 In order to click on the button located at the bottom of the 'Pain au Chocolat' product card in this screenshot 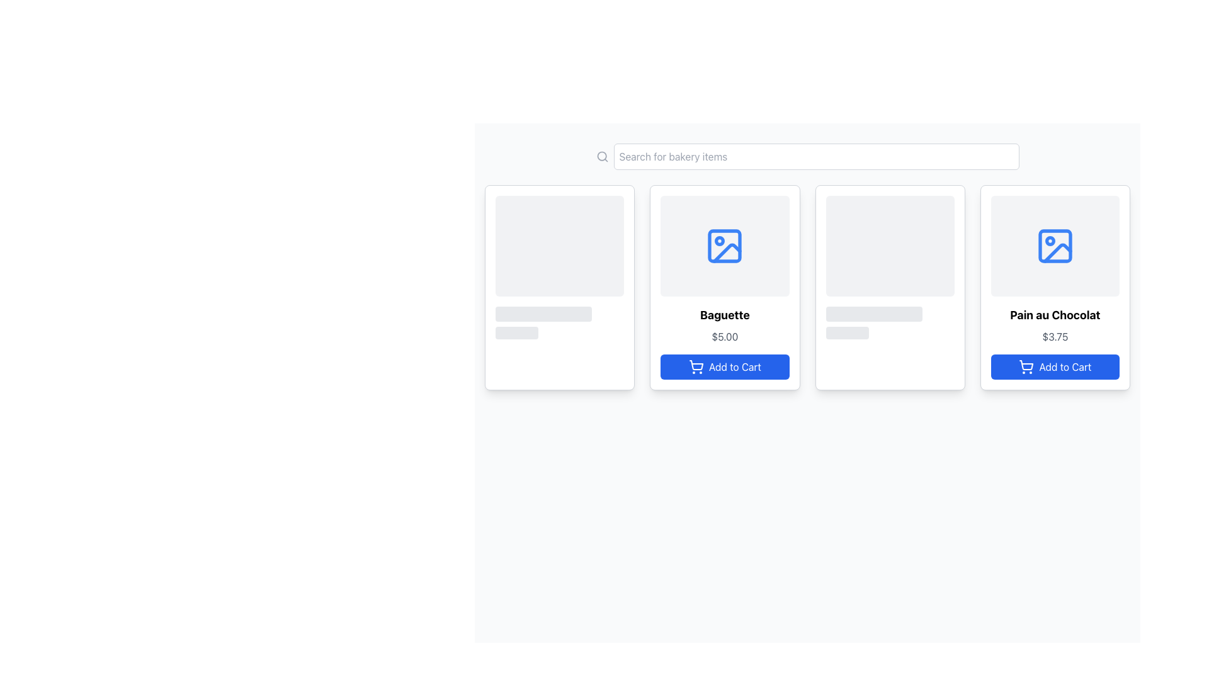, I will do `click(1055, 366)`.